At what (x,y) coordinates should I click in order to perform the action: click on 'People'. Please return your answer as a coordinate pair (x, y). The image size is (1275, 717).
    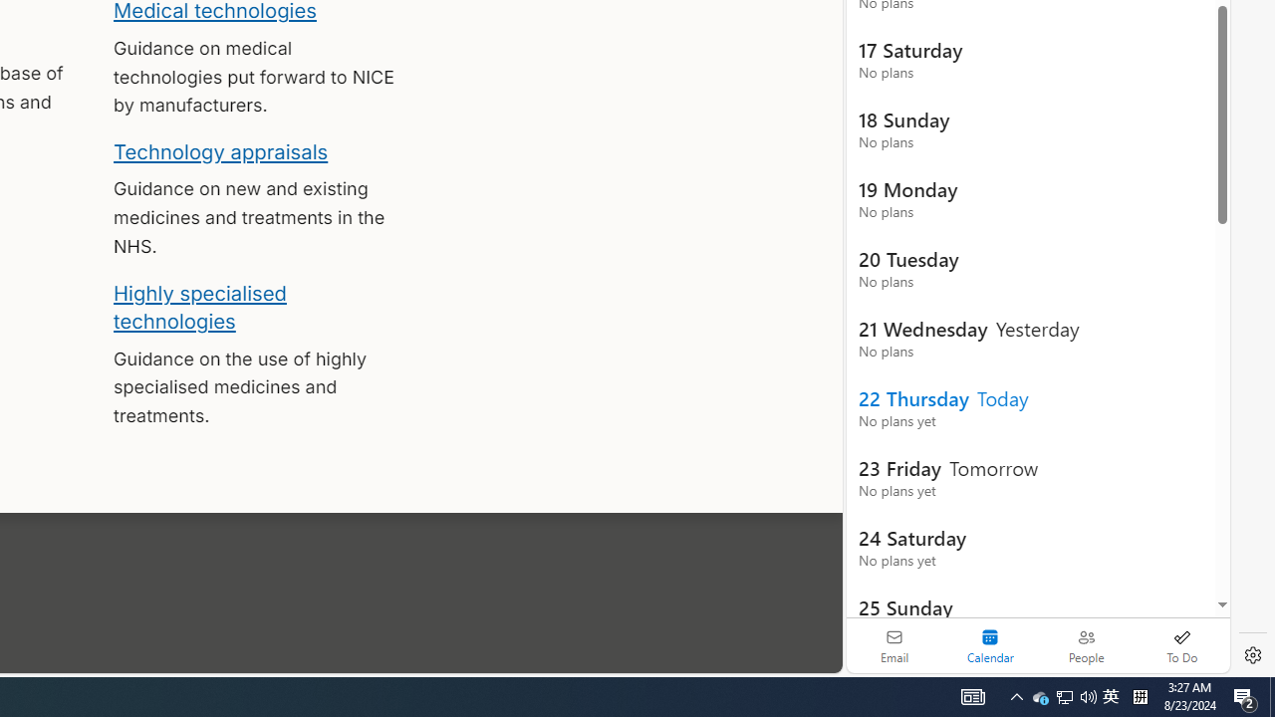
    Looking at the image, I should click on (1085, 645).